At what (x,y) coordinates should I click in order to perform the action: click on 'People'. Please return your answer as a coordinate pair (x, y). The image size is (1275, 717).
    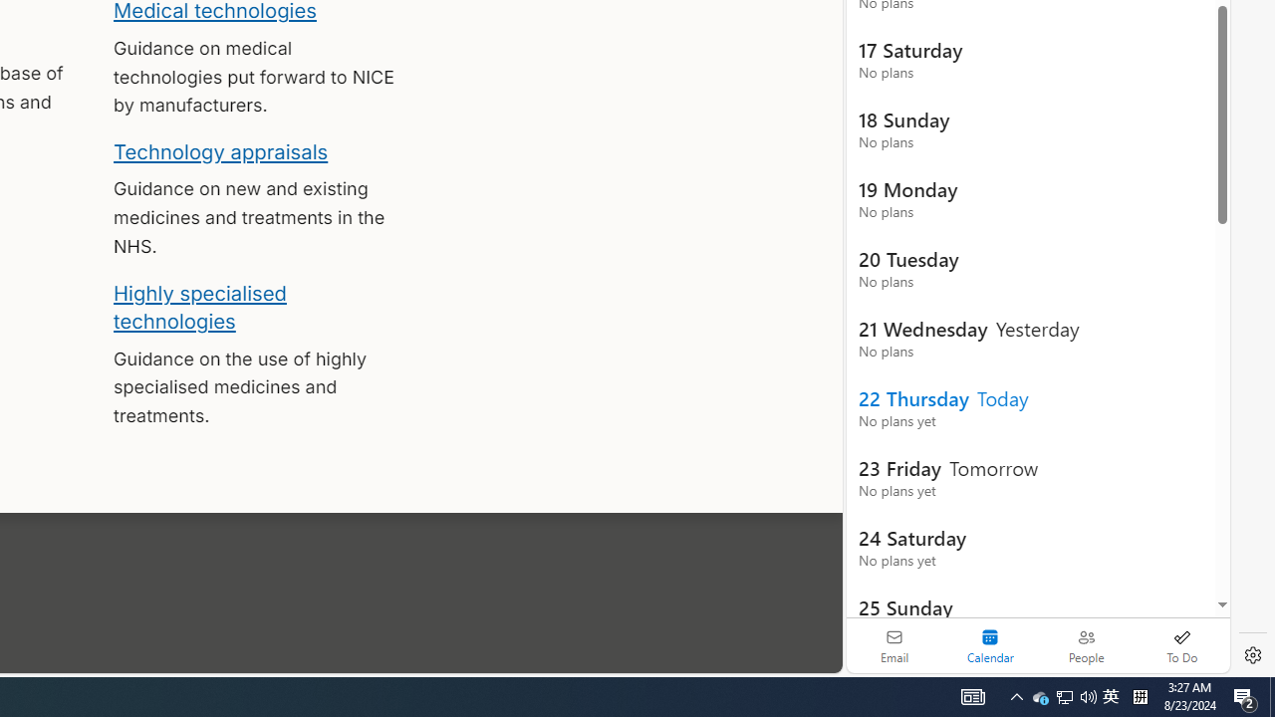
    Looking at the image, I should click on (1085, 645).